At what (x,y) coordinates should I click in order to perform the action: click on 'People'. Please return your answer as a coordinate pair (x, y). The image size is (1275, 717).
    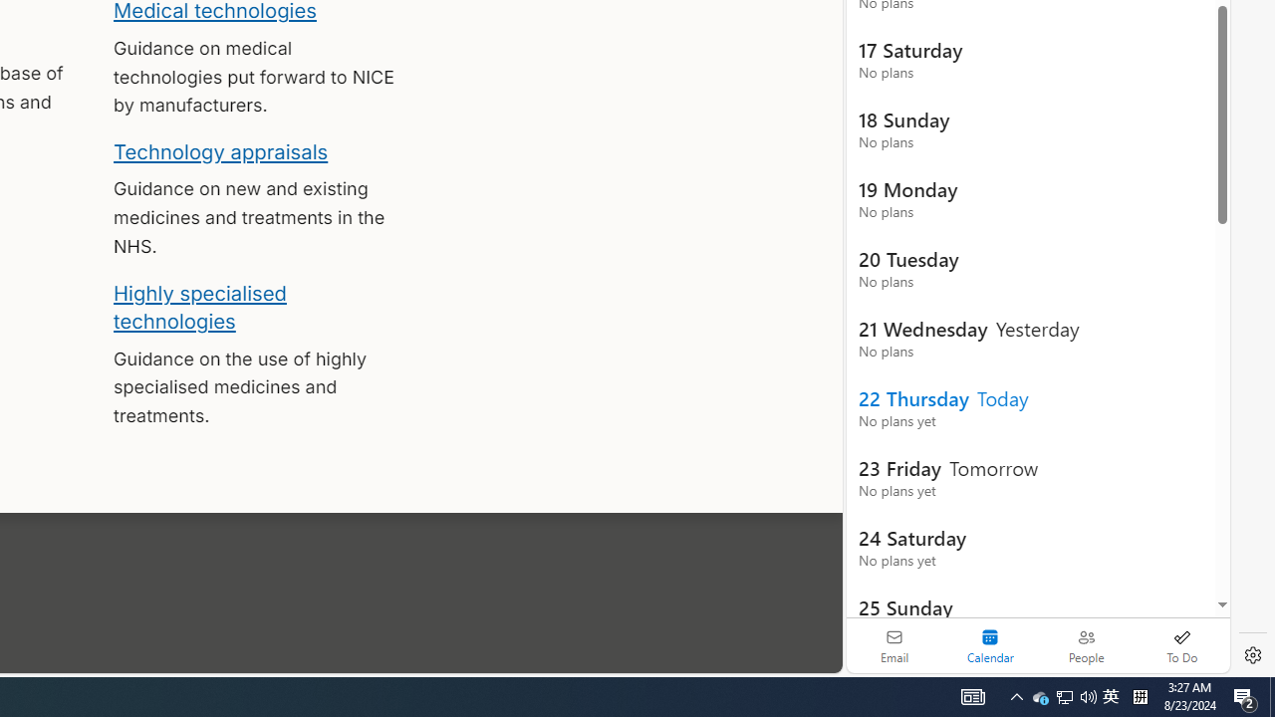
    Looking at the image, I should click on (1085, 645).